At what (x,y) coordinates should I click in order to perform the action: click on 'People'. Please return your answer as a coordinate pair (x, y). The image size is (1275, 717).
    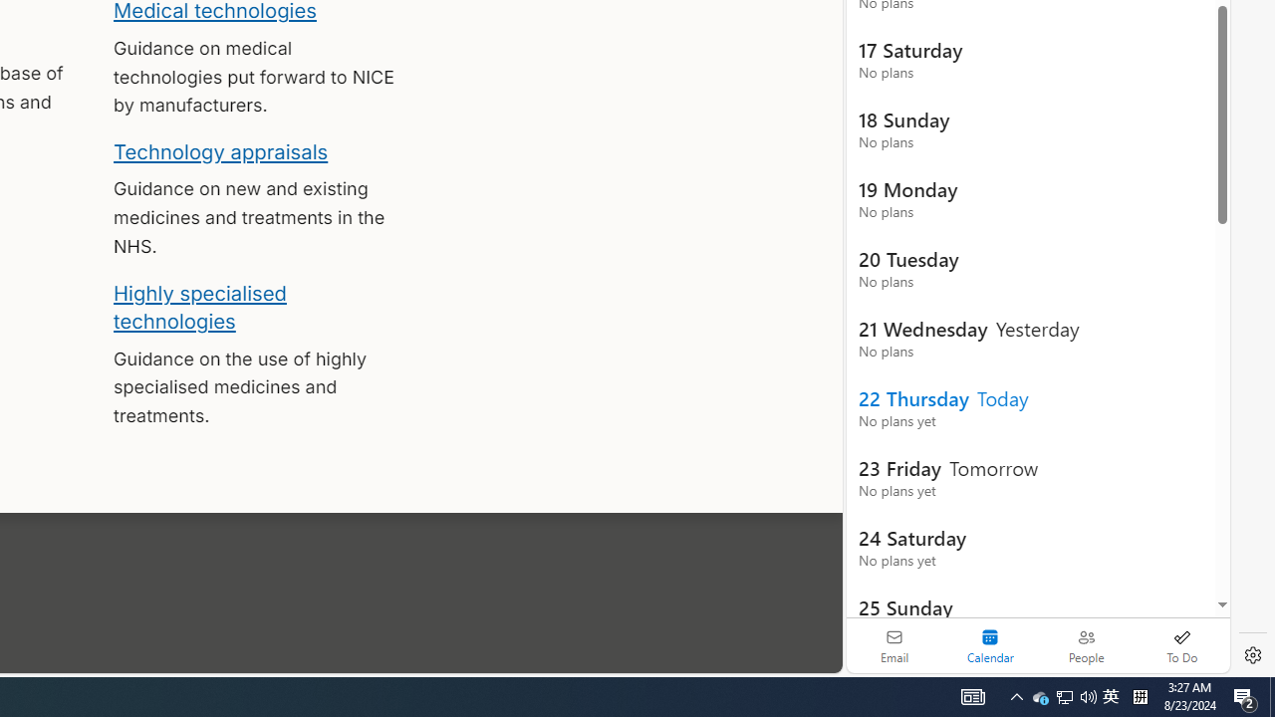
    Looking at the image, I should click on (1085, 645).